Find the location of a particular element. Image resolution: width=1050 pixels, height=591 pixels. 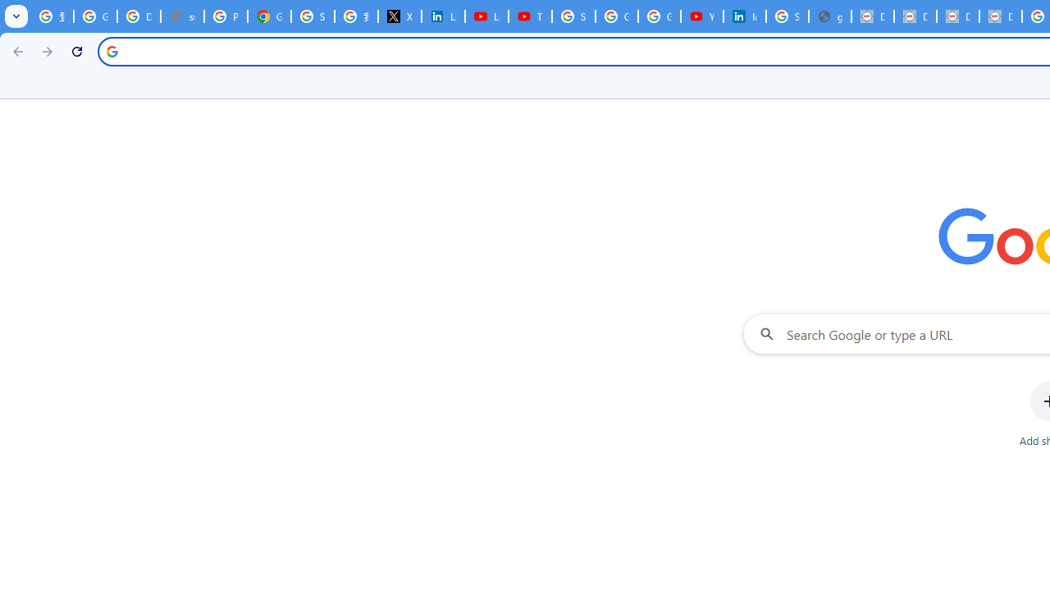

'LinkedIn - YouTube' is located at coordinates (486, 16).